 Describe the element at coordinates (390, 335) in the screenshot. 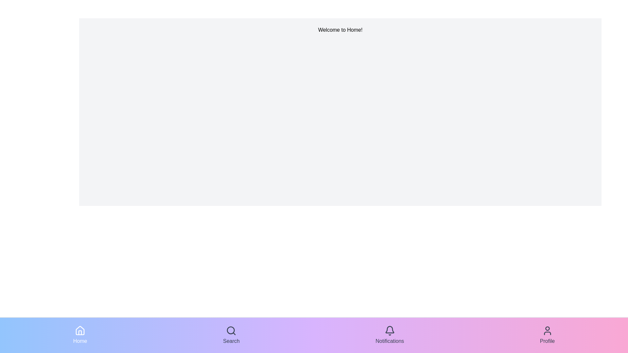

I see `the 'Notifications' button, which features a bell icon and the text 'Notifications' styled in gray, to trigger a visual effect` at that location.